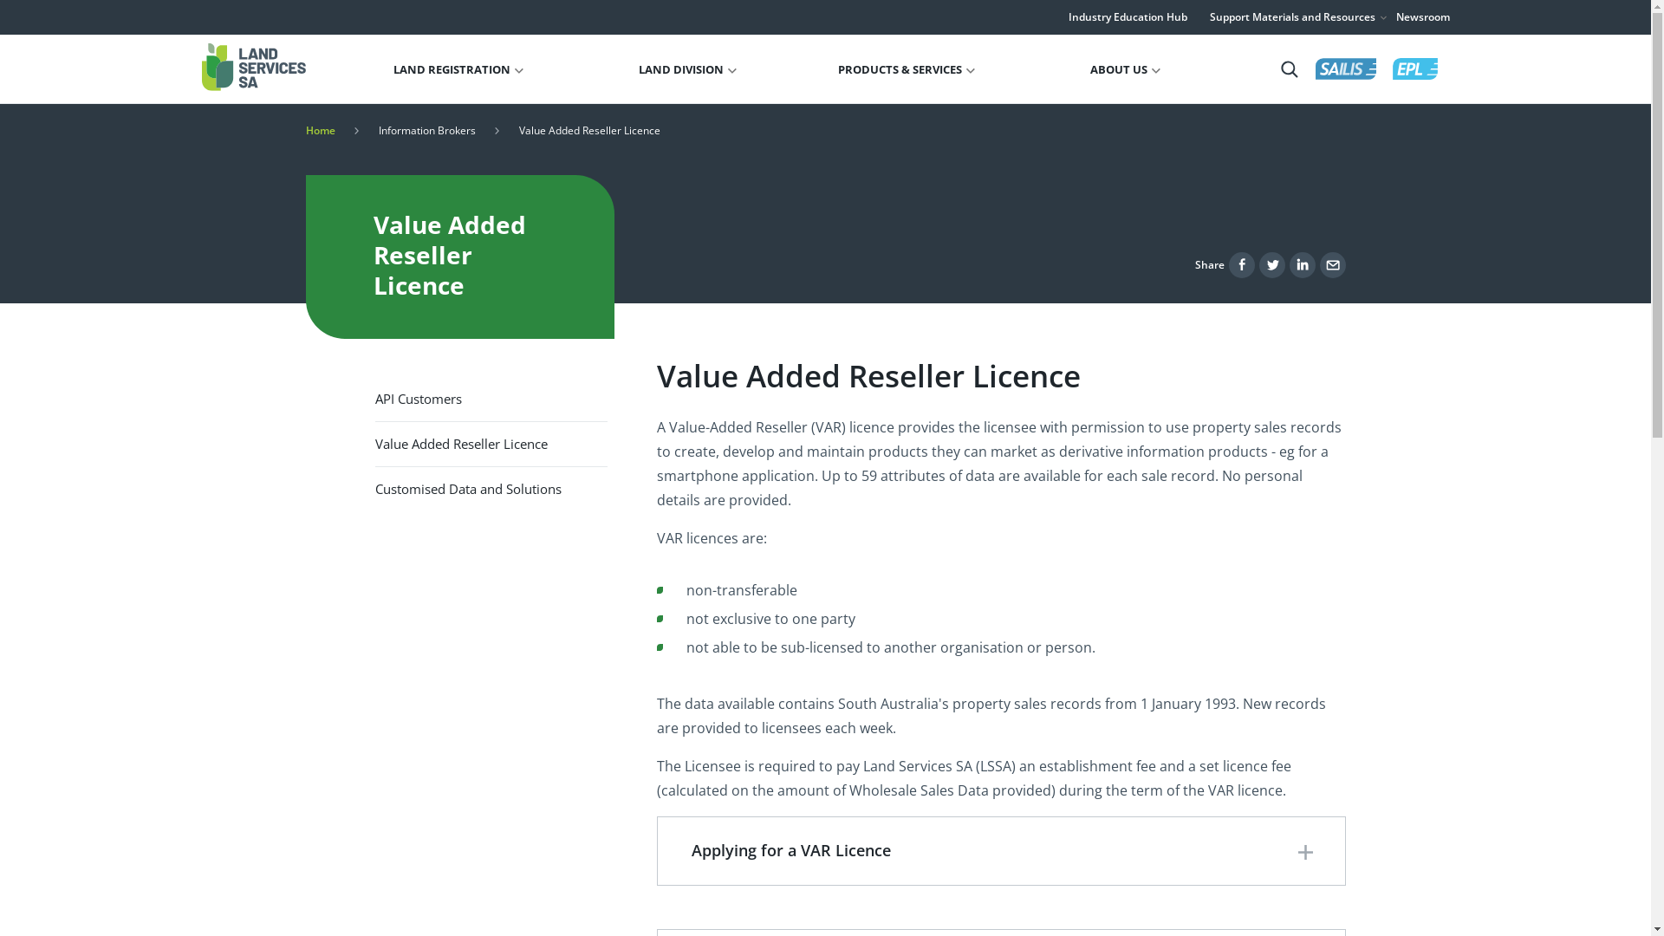 This screenshot has width=1664, height=936. I want to click on 'Industry Education Hub', so click(1127, 17).